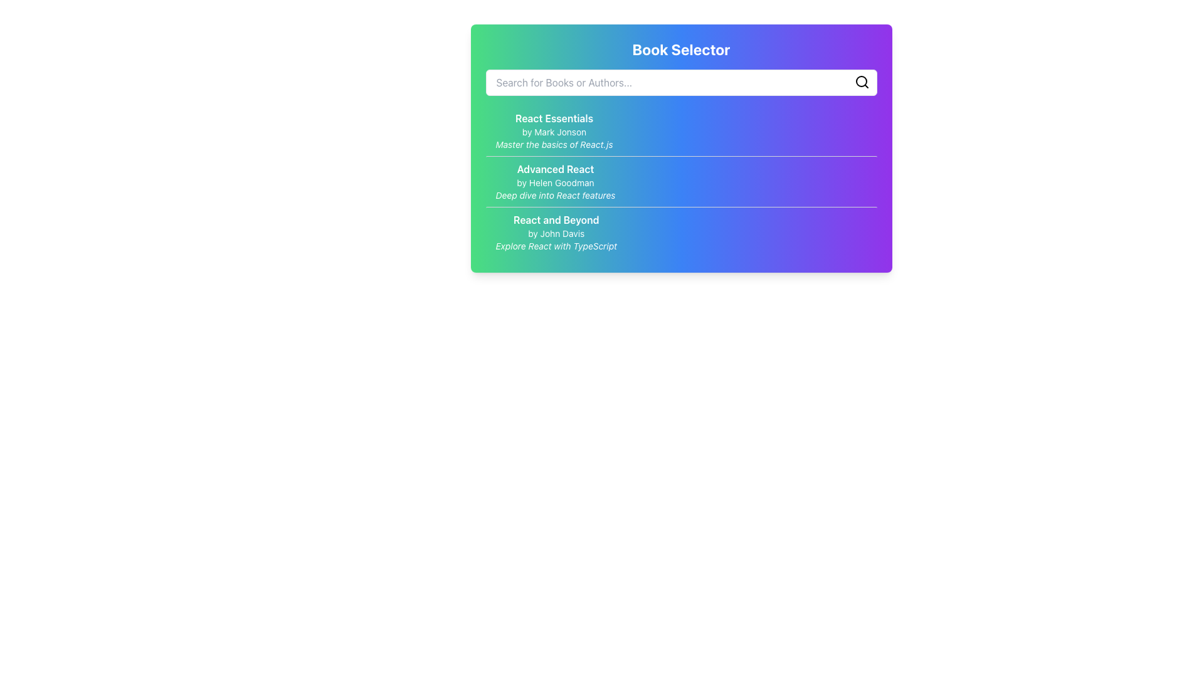 This screenshot has width=1204, height=677. Describe the element at coordinates (680, 147) in the screenshot. I see `the book entries within the card or panel that presents a selectable list of books, located centrally in the interface` at that location.